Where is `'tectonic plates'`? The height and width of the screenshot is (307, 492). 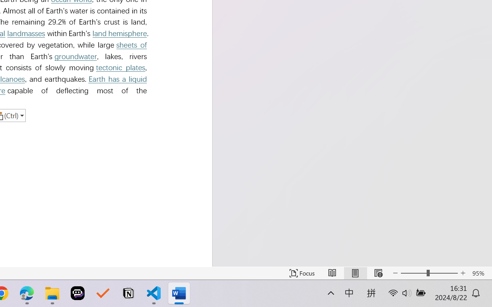 'tectonic plates' is located at coordinates (120, 67).